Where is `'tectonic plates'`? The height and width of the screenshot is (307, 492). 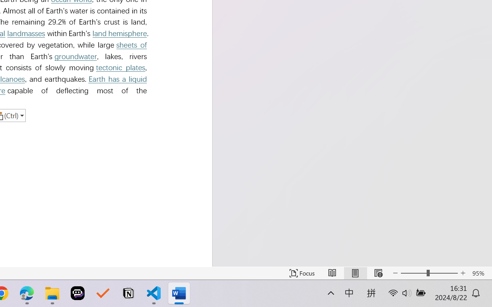 'tectonic plates' is located at coordinates (120, 67).